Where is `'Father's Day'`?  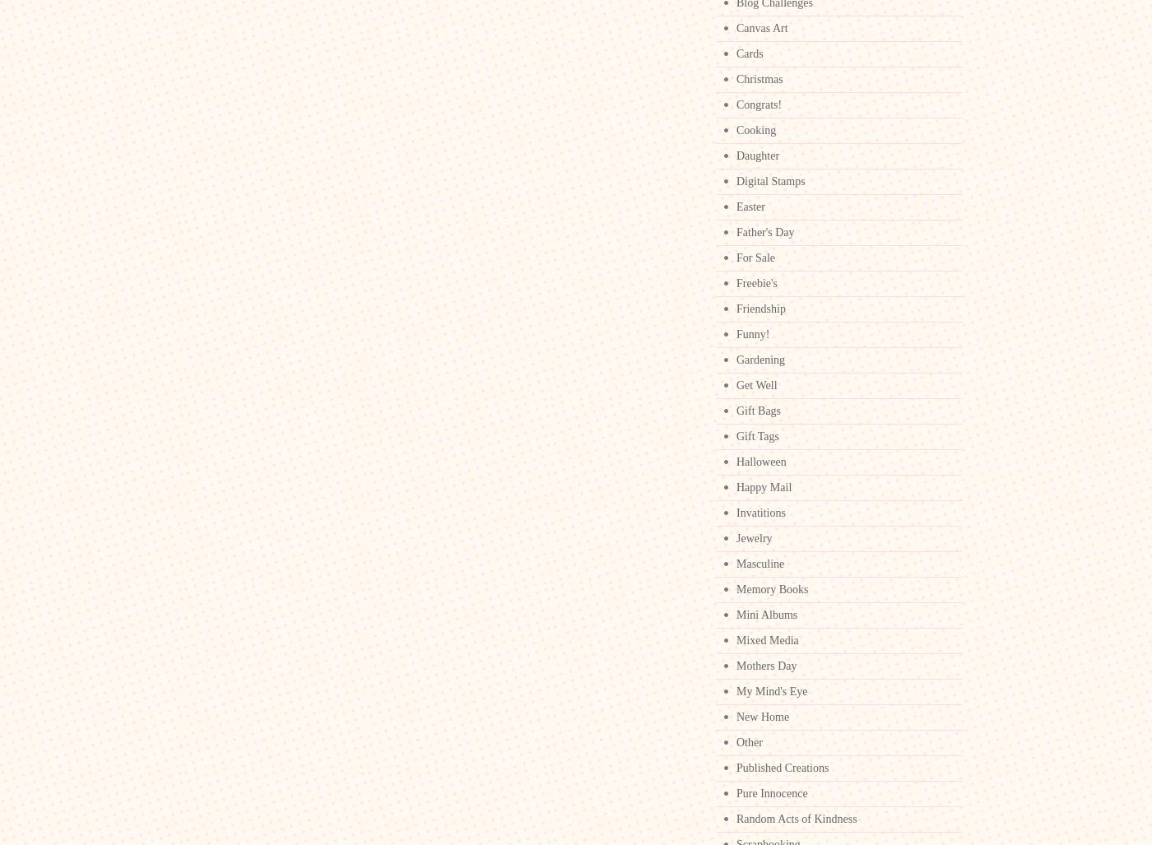
'Father's Day' is located at coordinates (765, 232).